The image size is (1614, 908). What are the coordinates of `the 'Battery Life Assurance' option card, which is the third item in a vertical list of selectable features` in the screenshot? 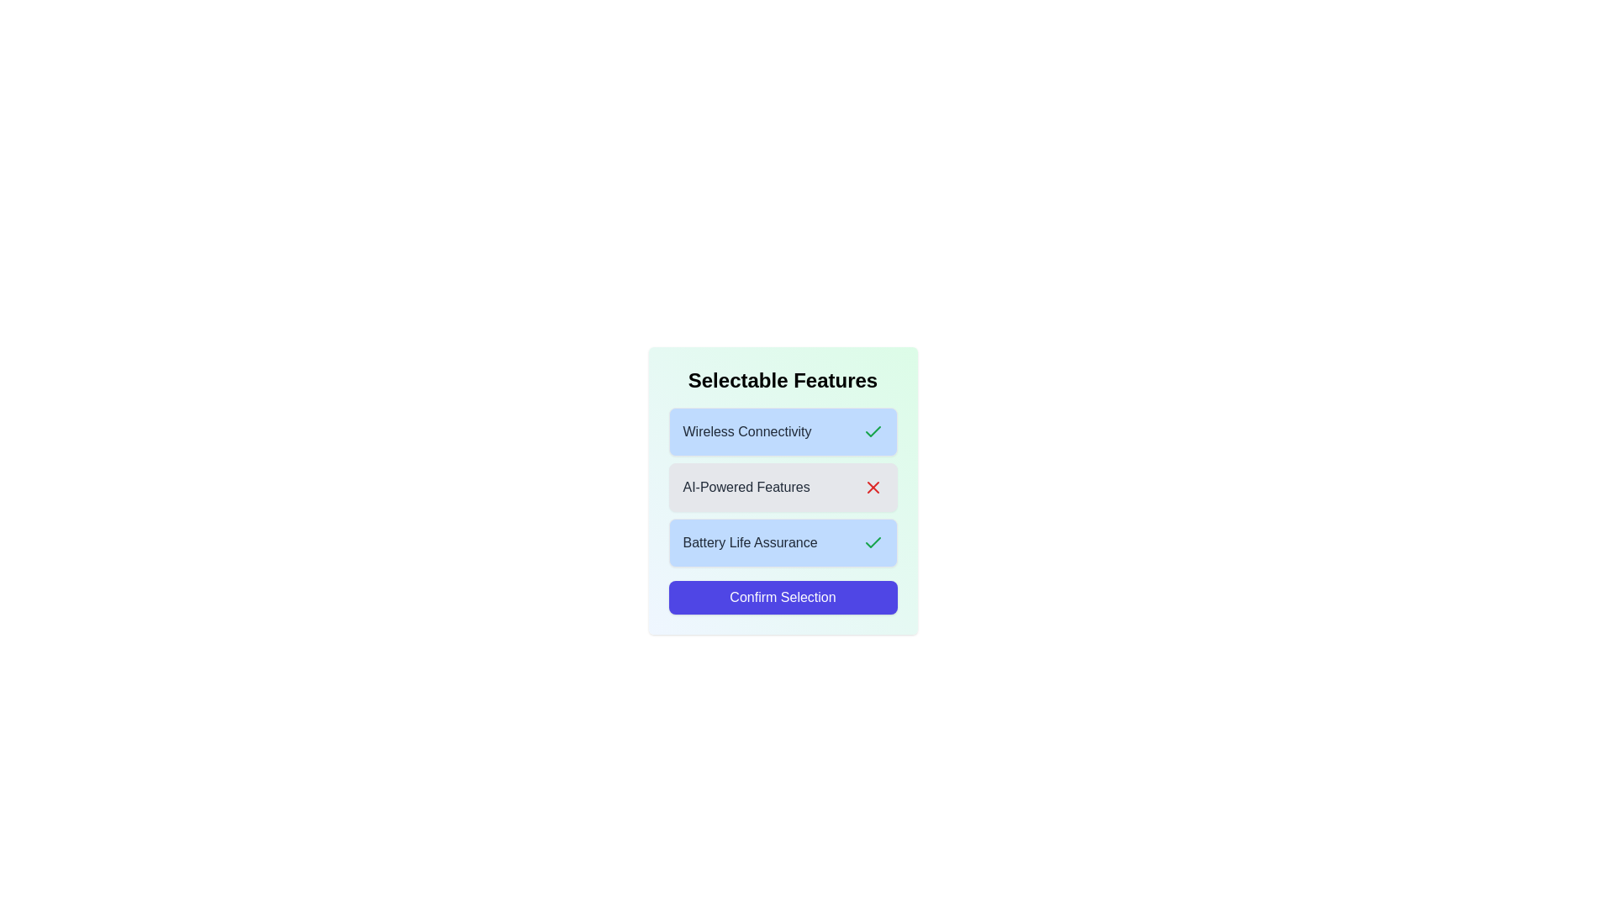 It's located at (782, 542).